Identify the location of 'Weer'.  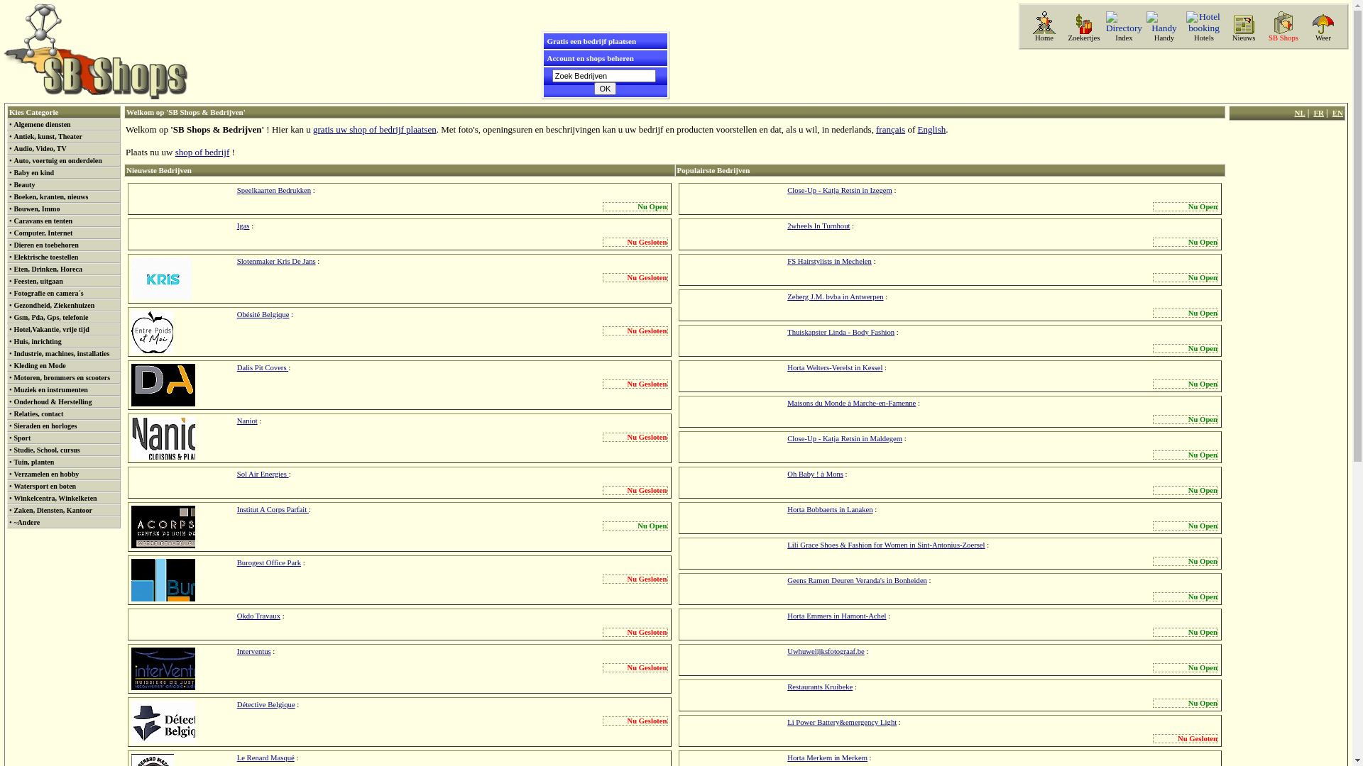
(1322, 37).